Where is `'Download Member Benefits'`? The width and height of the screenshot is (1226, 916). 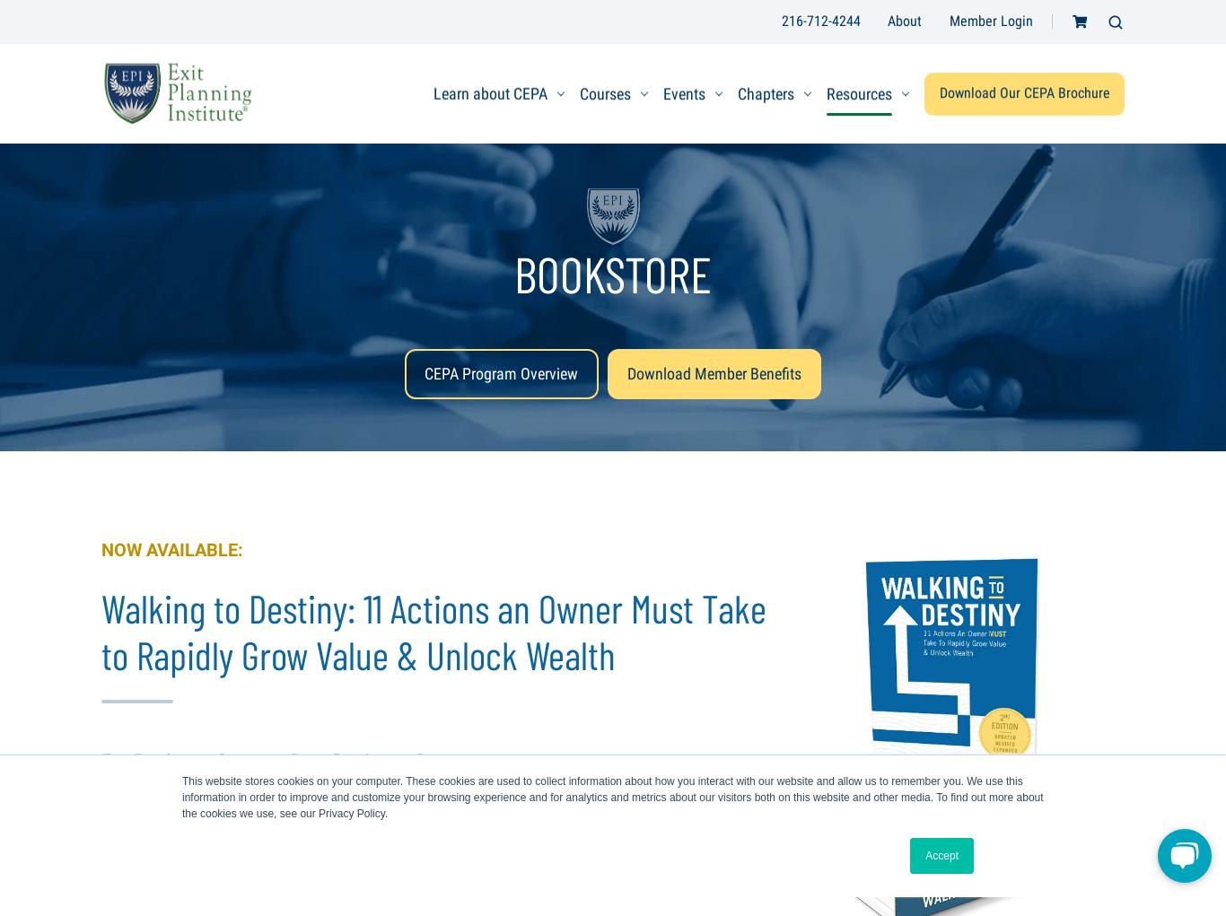 'Download Member Benefits' is located at coordinates (714, 372).